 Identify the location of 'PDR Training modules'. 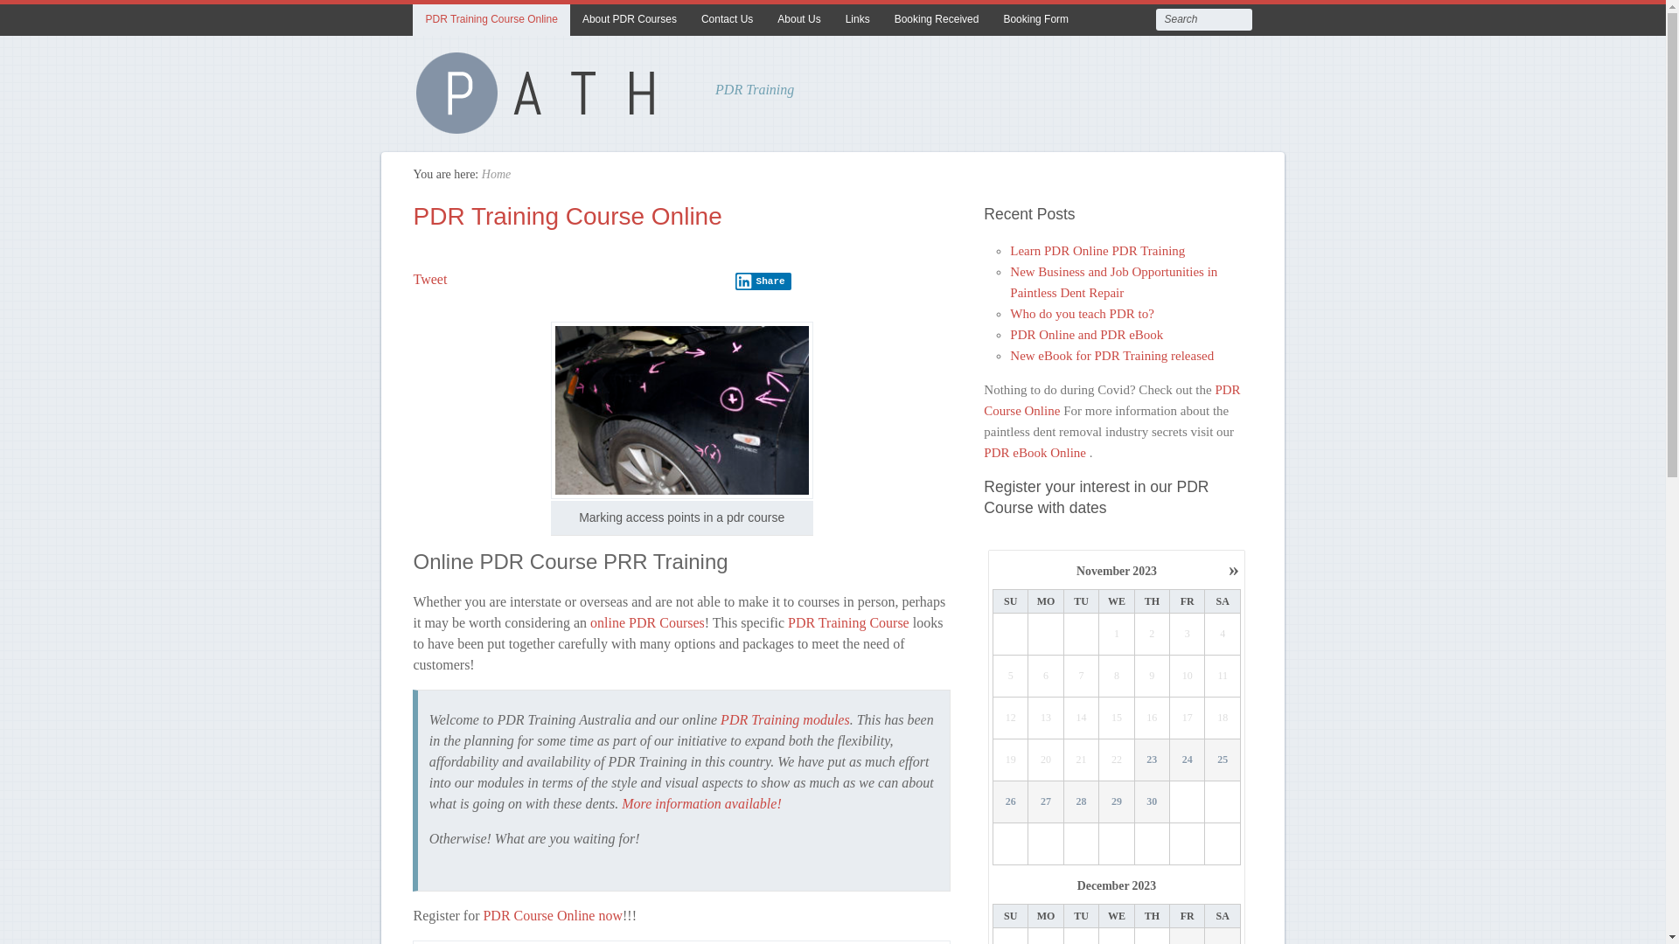
(721, 719).